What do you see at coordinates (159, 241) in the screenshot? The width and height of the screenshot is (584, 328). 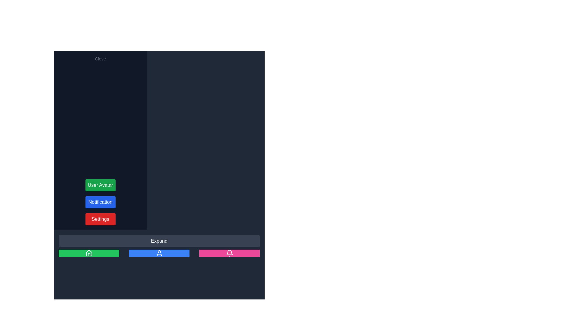 I see `the 'Expand' button, which has a dark gray background and rounded corners, located at the top-center of the navigation elements in the sidebar` at bounding box center [159, 241].